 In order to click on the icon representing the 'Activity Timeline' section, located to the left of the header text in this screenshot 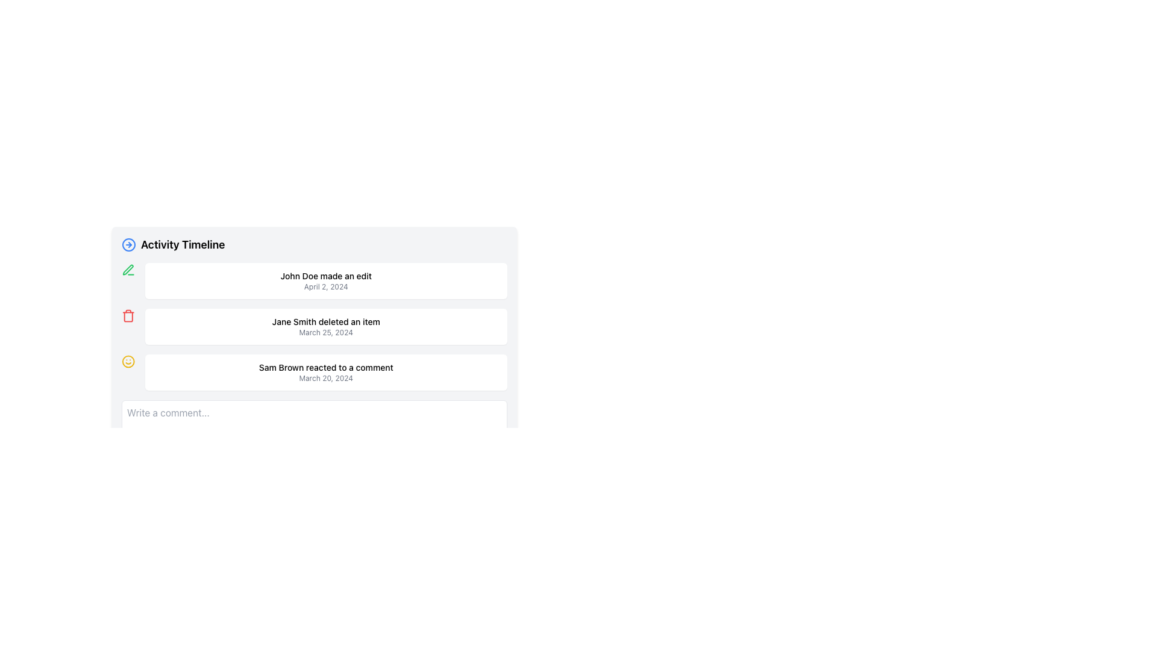, I will do `click(129, 244)`.